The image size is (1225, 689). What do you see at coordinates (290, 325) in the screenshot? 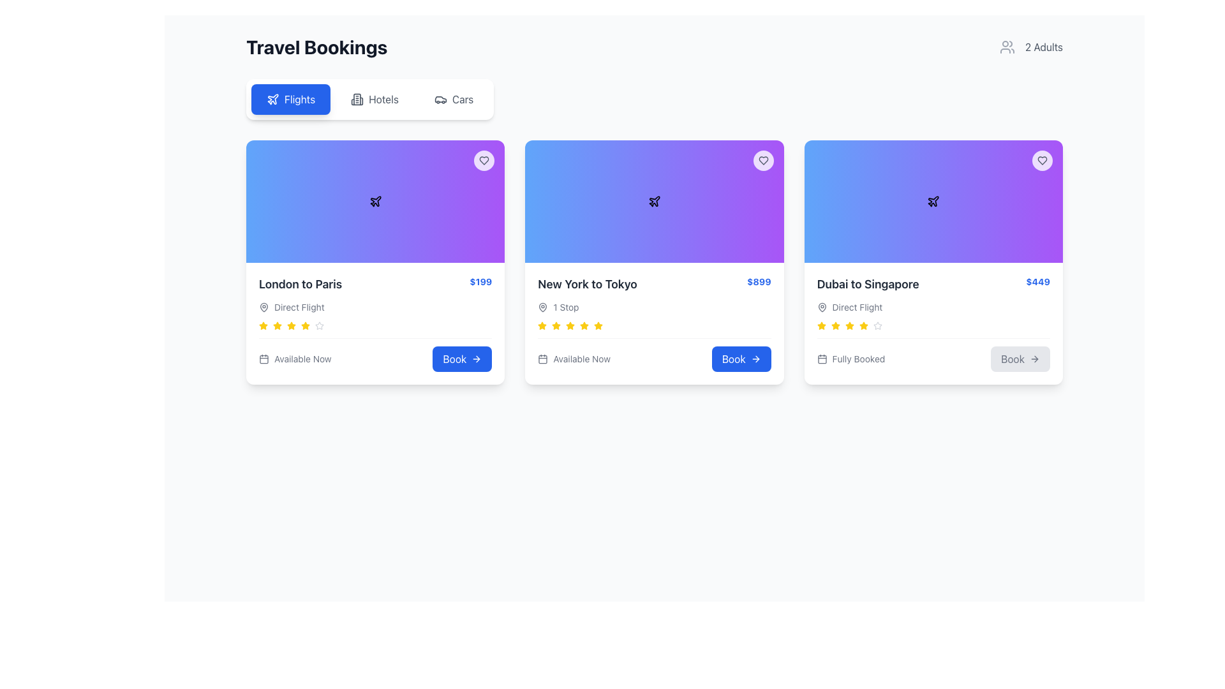
I see `the fifth star icon in the rating system located below the 'London to Paris' card` at bounding box center [290, 325].